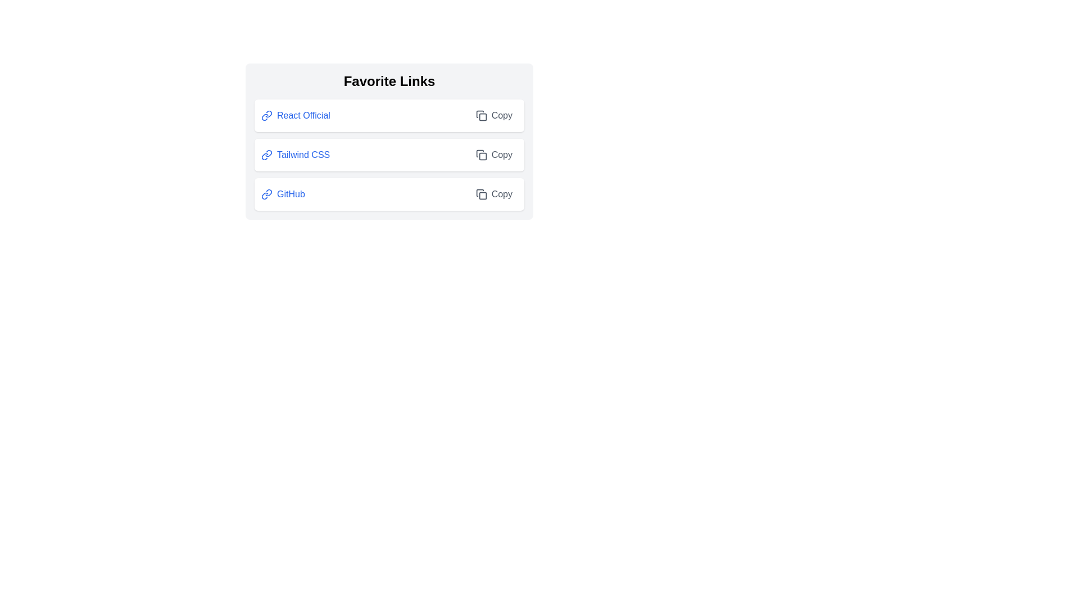 This screenshot has height=607, width=1079. Describe the element at coordinates (296, 155) in the screenshot. I see `the hyperlink in the 'Favorite Links' card that navigates to the Tailwind CSS website, located between the 'React Official' link and the 'GitHub' link` at that location.